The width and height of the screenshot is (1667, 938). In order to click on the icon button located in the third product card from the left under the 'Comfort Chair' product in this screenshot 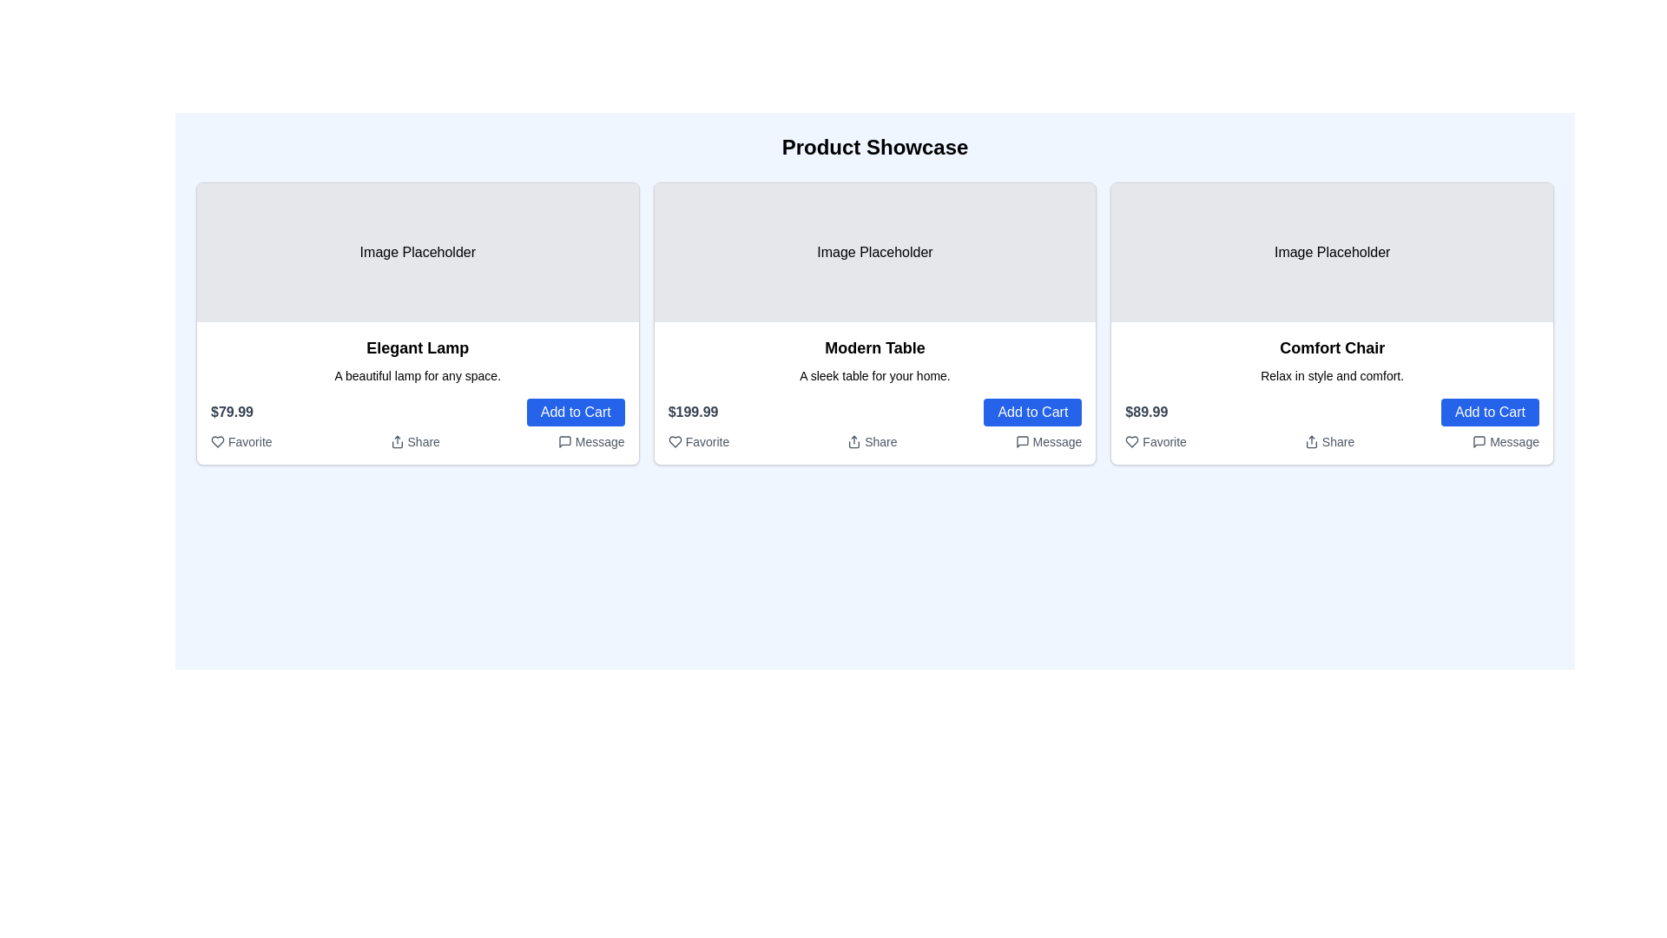, I will do `click(1479, 441)`.